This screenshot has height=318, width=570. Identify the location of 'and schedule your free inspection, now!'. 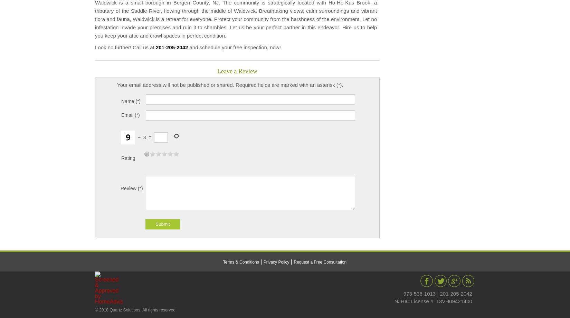
(234, 47).